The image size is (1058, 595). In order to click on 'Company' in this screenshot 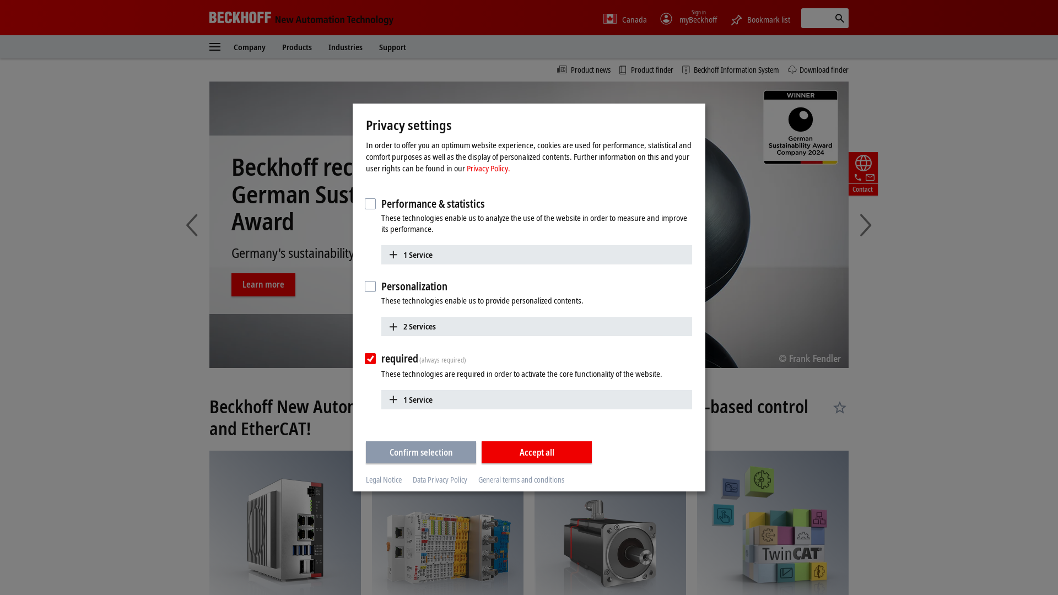, I will do `click(233, 46)`.